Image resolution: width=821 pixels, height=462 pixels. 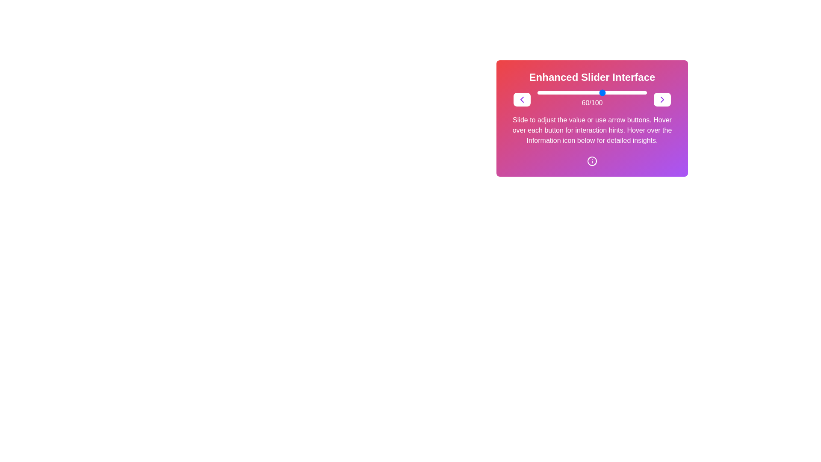 What do you see at coordinates (542, 92) in the screenshot?
I see `the slider value` at bounding box center [542, 92].